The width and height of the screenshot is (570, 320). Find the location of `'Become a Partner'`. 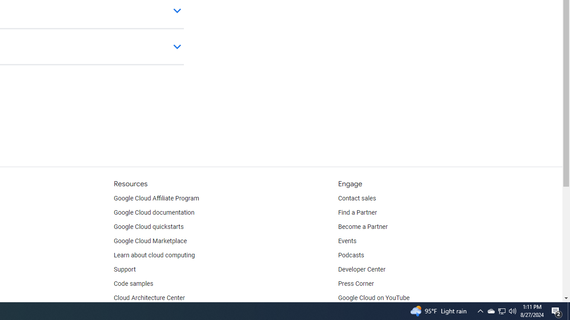

'Become a Partner' is located at coordinates (362, 227).